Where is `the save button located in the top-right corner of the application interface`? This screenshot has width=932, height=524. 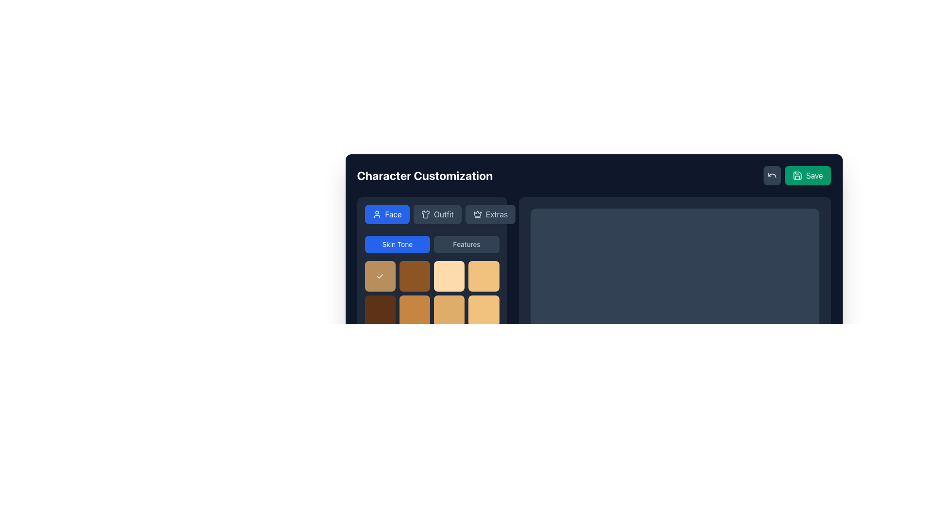 the save button located in the top-right corner of the application interface is located at coordinates (797, 176).